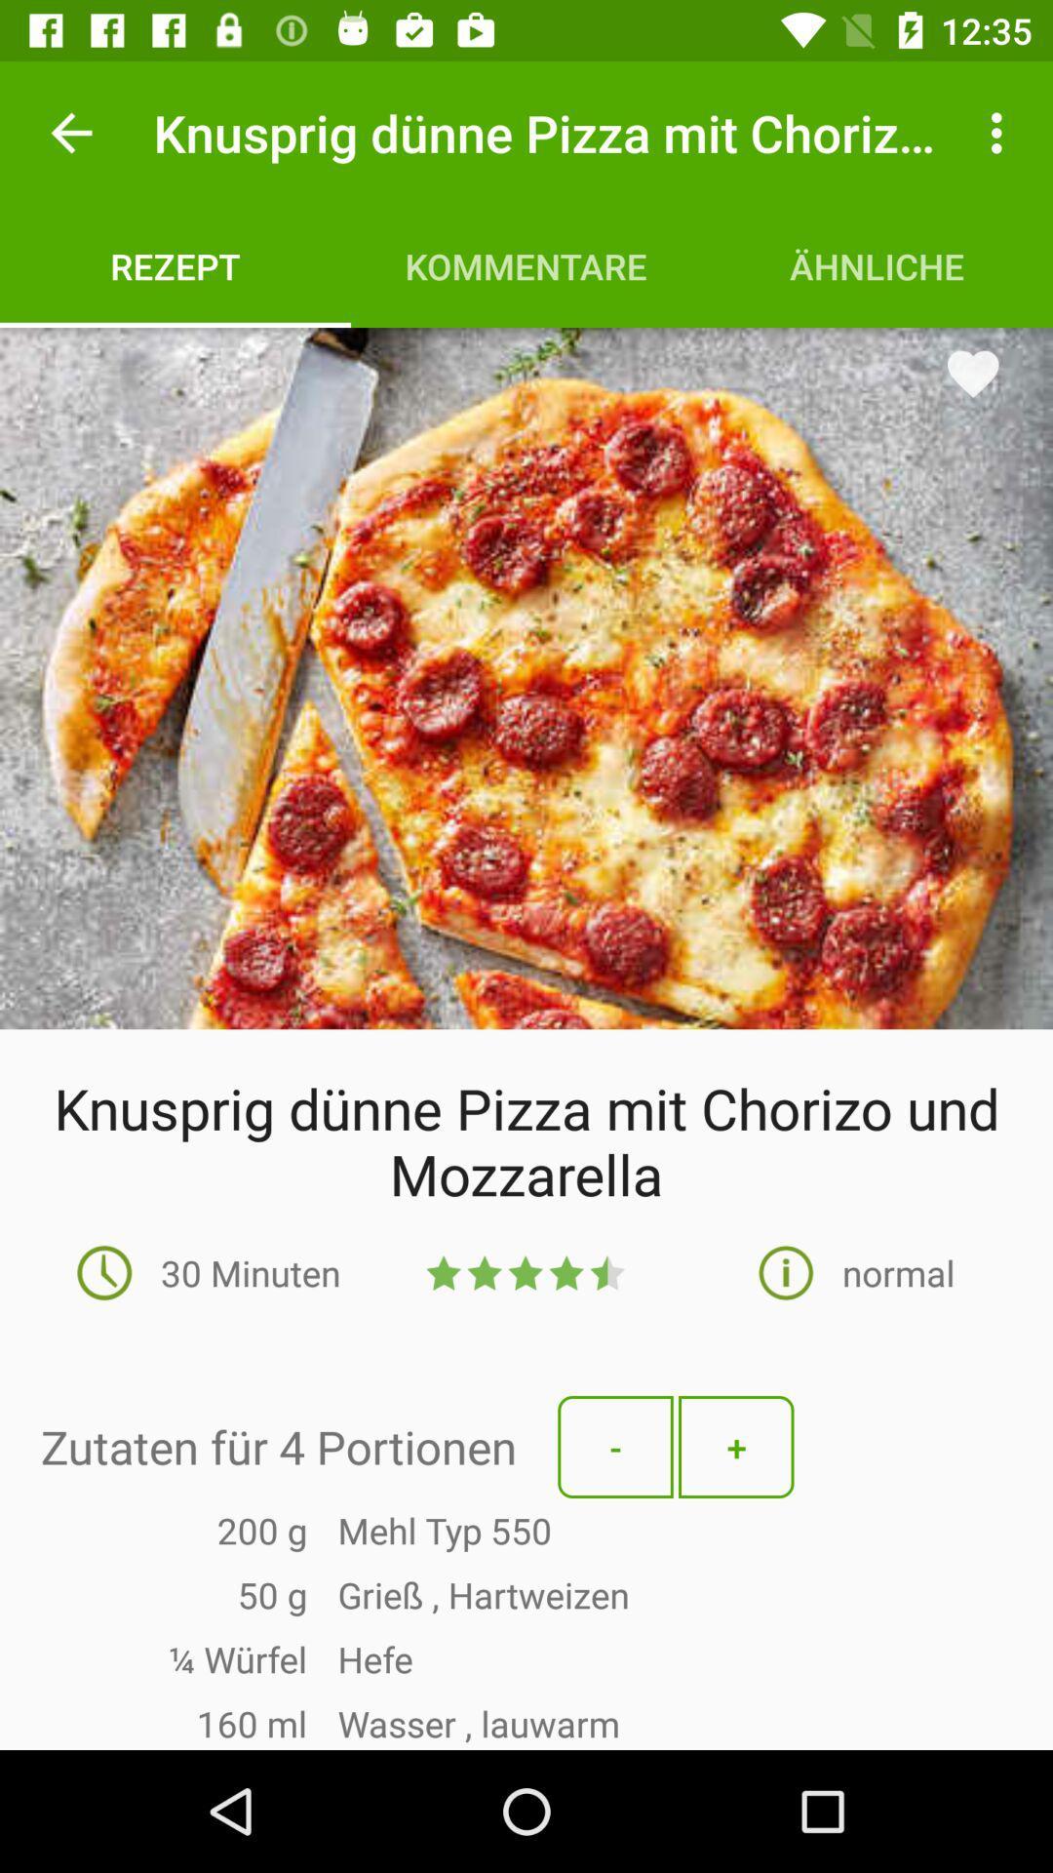 Image resolution: width=1053 pixels, height=1873 pixels. I want to click on the item below the rezept, so click(526, 678).